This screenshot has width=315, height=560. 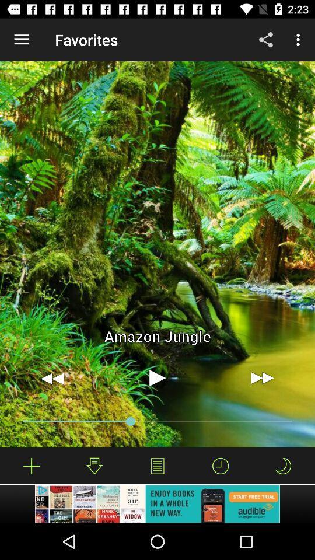 What do you see at coordinates (282, 466) in the screenshot?
I see `enable do n't disturb mode` at bounding box center [282, 466].